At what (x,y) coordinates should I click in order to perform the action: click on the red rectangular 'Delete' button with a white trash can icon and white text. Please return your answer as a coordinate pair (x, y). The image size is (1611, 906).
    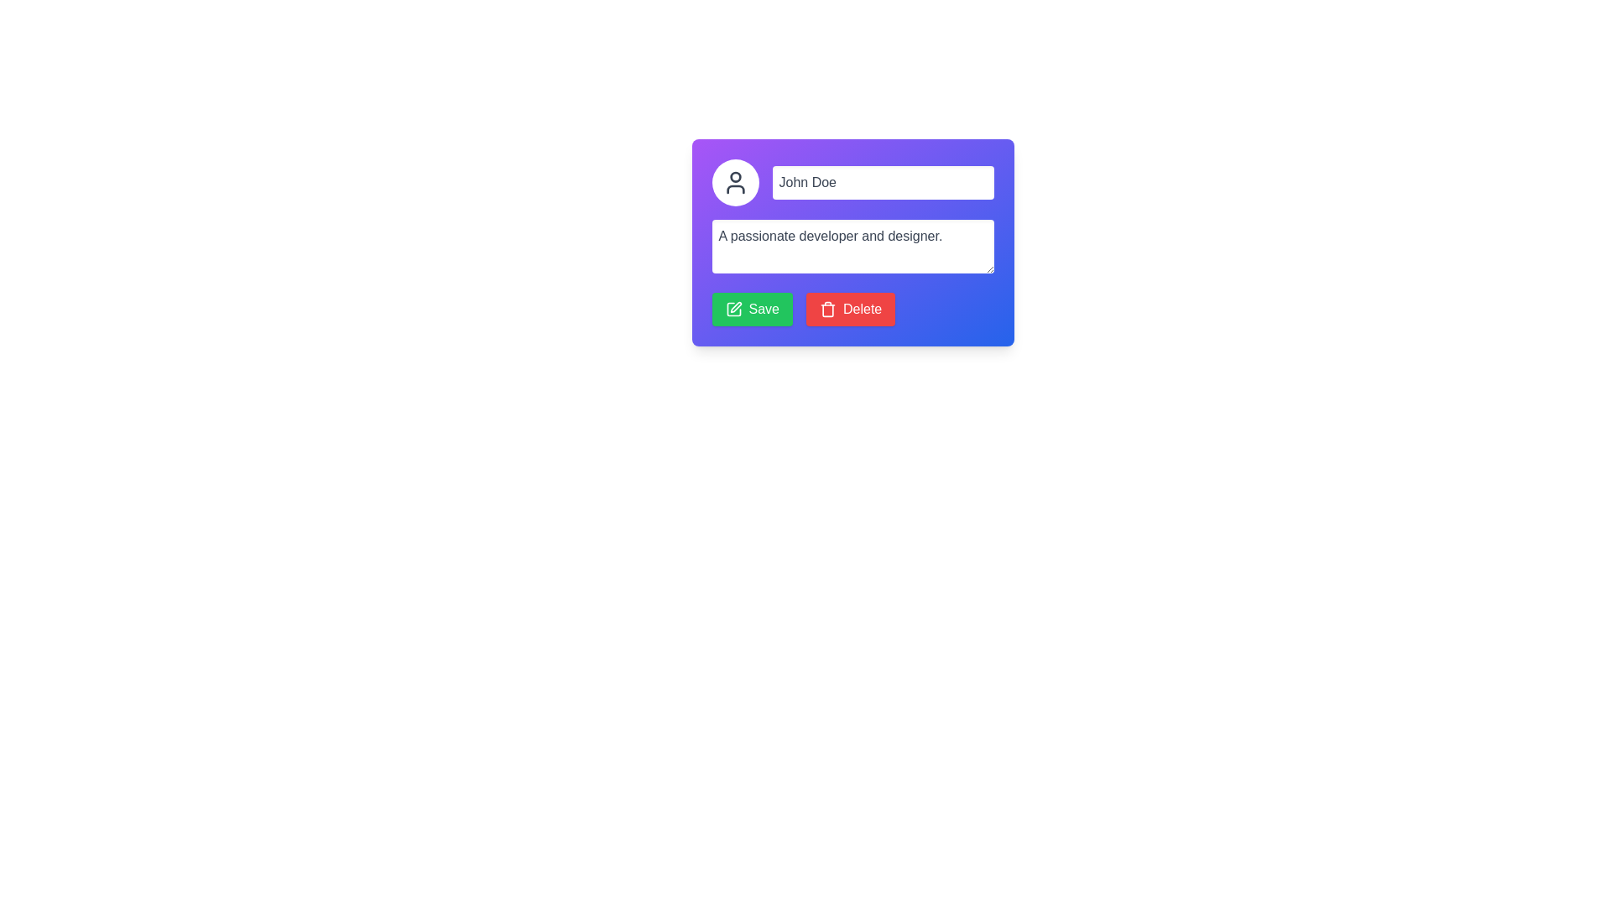
    Looking at the image, I should click on (851, 310).